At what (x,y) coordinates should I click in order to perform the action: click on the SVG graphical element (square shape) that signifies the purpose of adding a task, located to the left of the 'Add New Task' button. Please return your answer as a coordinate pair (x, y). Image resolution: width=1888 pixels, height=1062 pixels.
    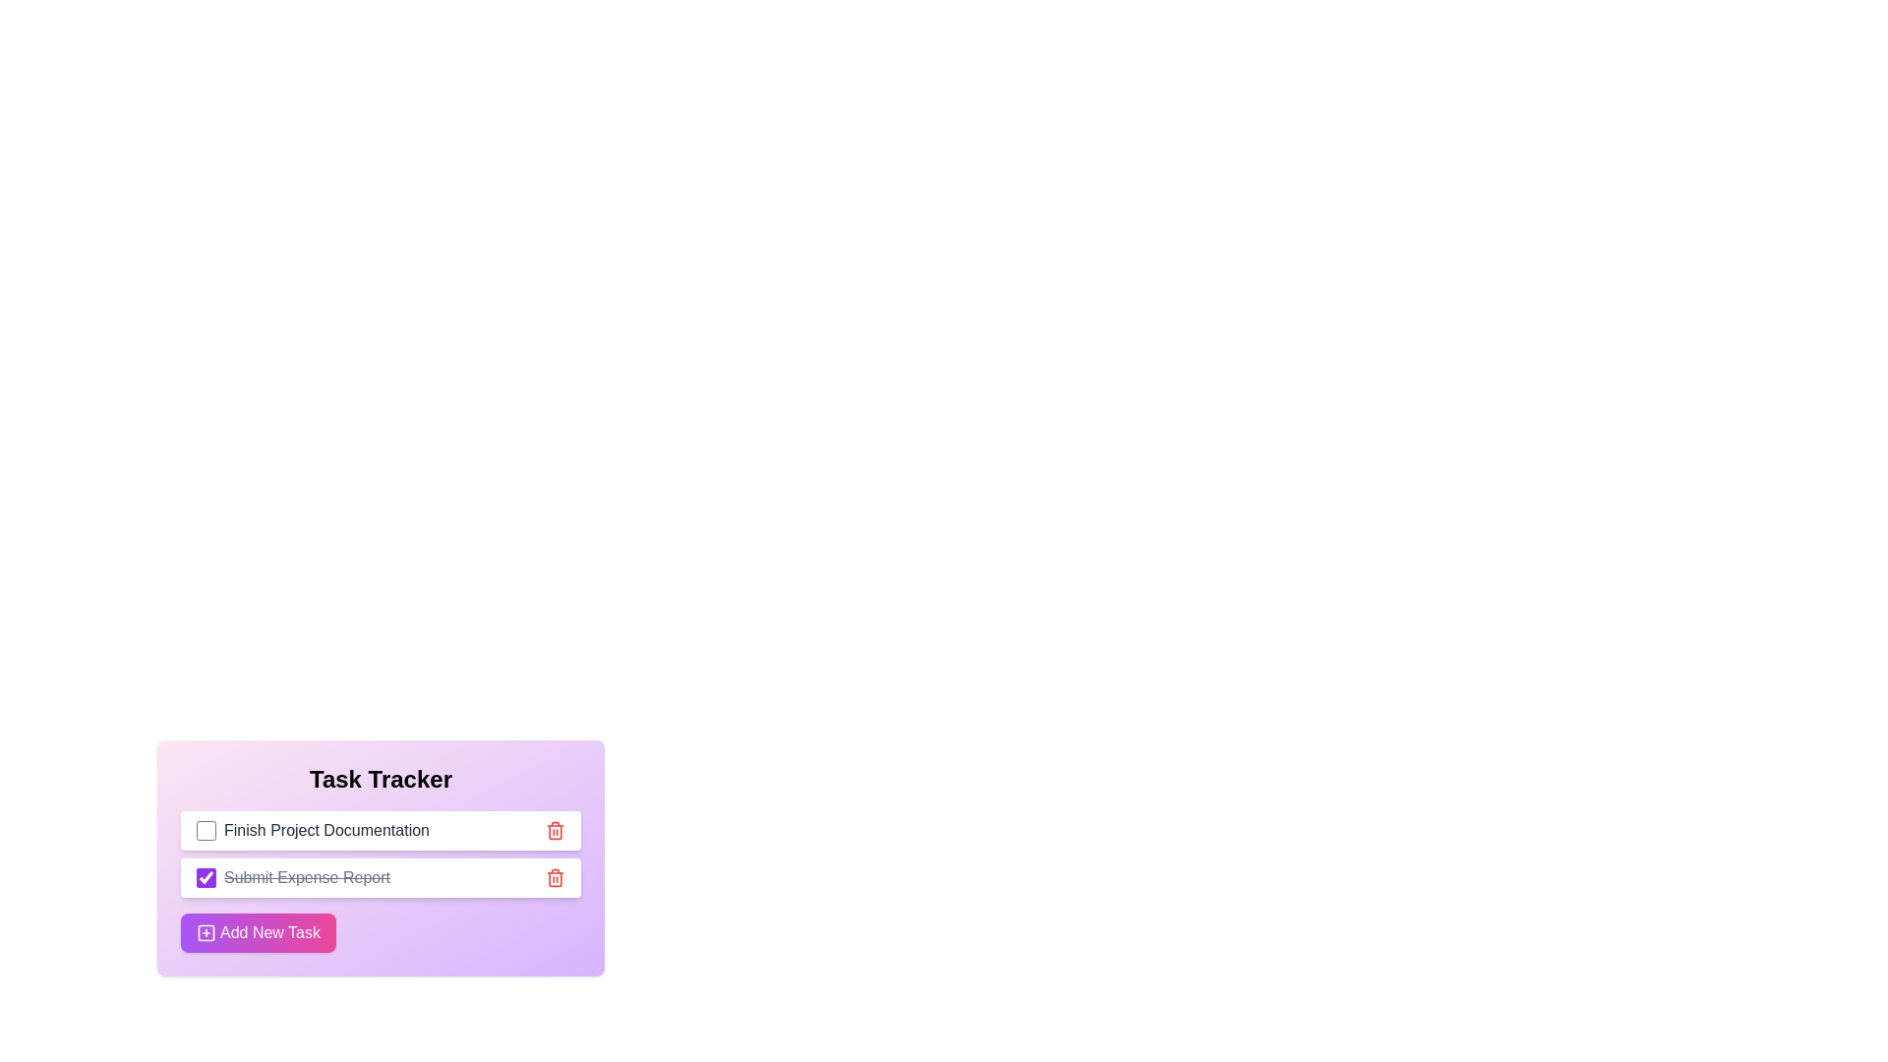
    Looking at the image, I should click on (206, 931).